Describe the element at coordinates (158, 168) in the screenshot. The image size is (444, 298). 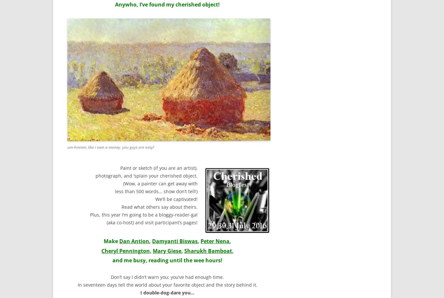
I see `'Paint or sketch (if you are an artist),'` at that location.